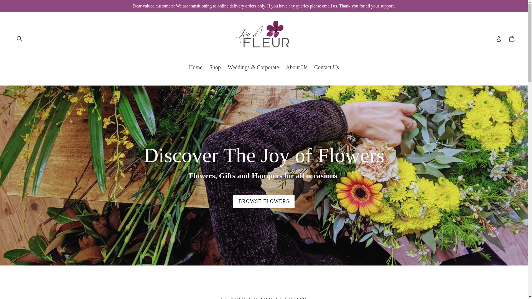 This screenshot has width=532, height=299. I want to click on 'Contact Us', so click(326, 67).